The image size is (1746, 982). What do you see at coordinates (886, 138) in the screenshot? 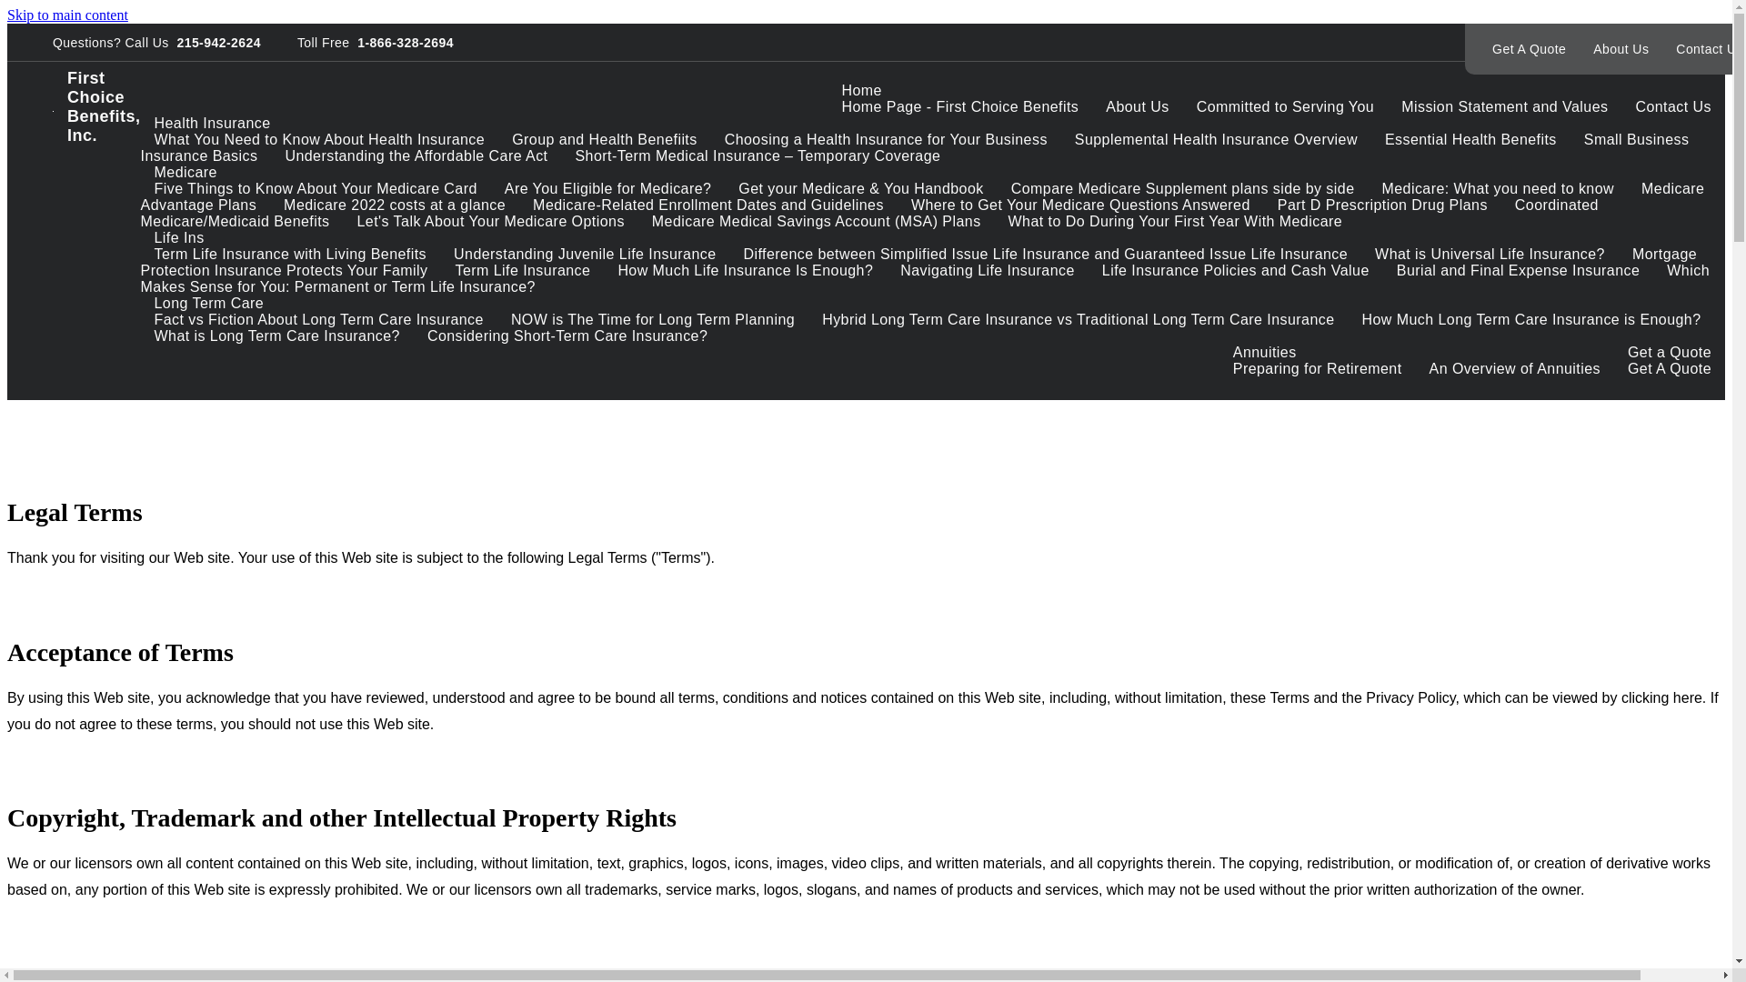
I see `'Choosing a Health Insurance for Your Business'` at bounding box center [886, 138].